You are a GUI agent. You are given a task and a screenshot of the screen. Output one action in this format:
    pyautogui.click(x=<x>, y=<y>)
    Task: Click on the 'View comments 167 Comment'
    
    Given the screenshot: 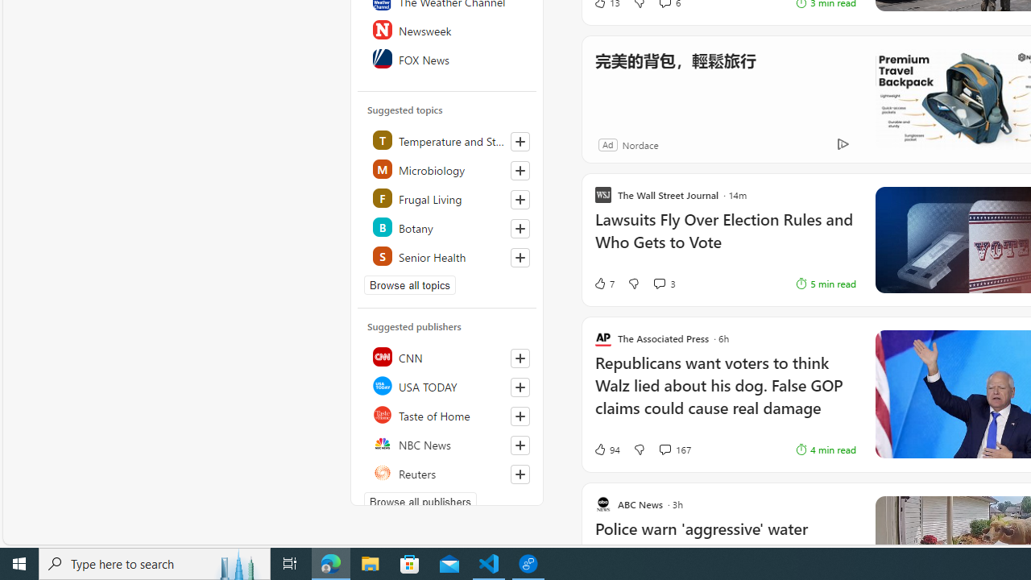 What is the action you would take?
    pyautogui.click(x=674, y=449)
    